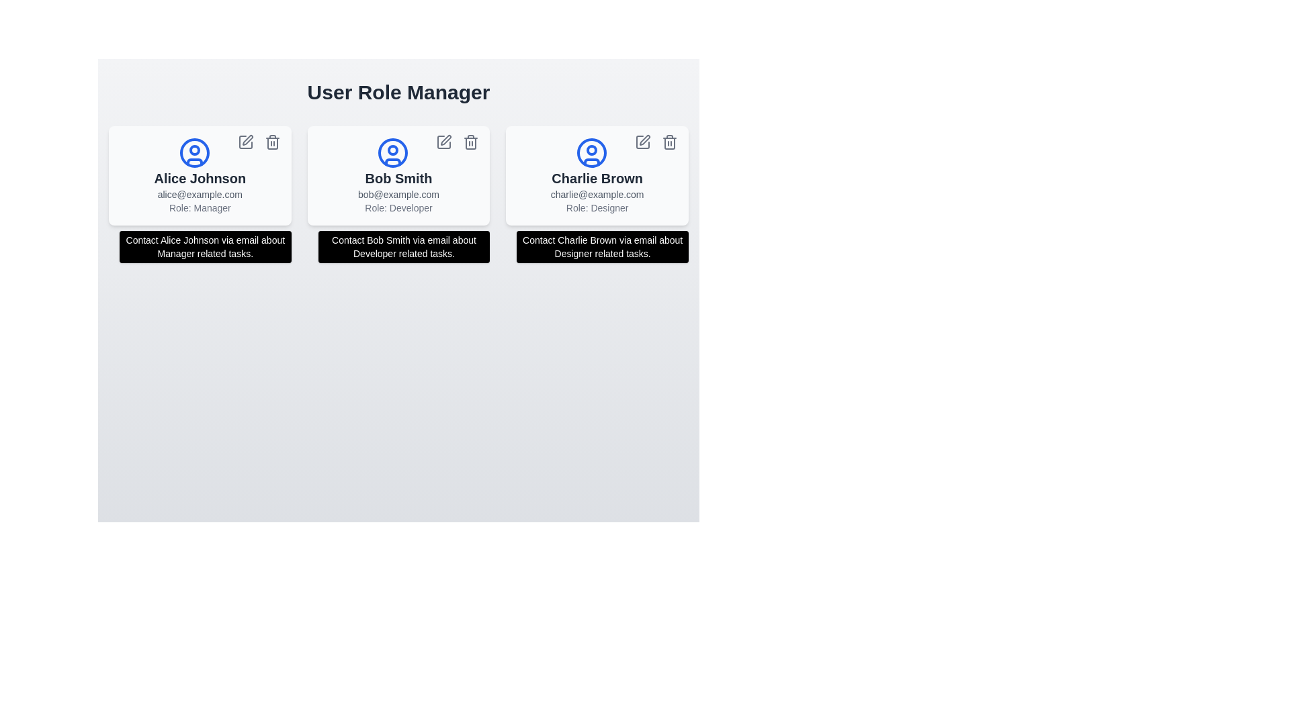  What do you see at coordinates (398, 178) in the screenshot?
I see `the text header labeled 'Bob Smith'` at bounding box center [398, 178].